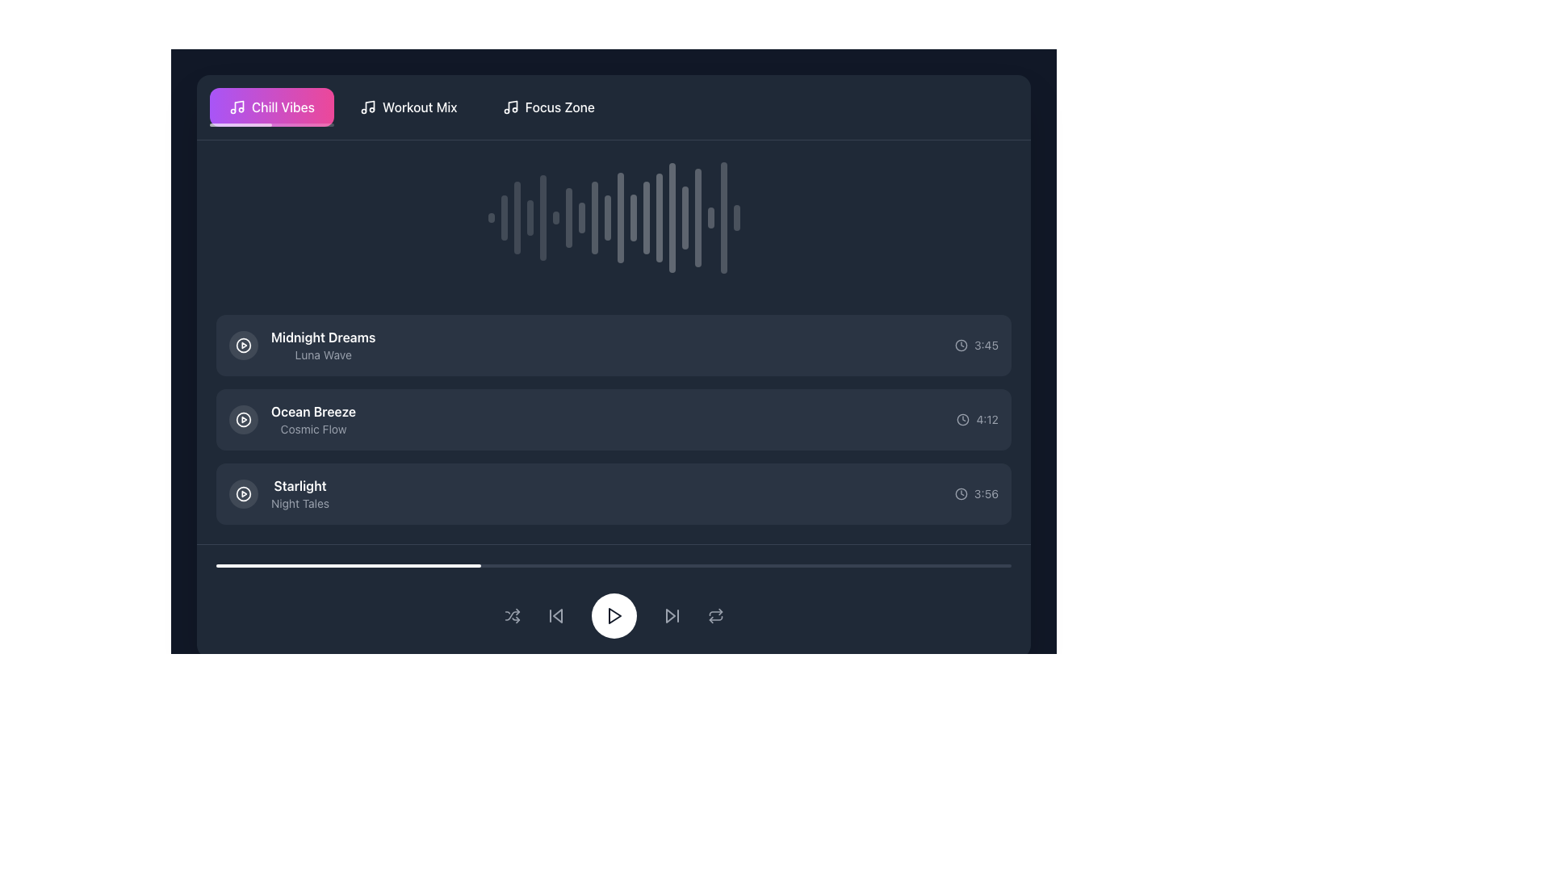 The height and width of the screenshot is (872, 1550). Describe the element at coordinates (243, 493) in the screenshot. I see `the central circular part of the play button icon in the third list item labeled 'Starlight' of the music playlist view` at that location.